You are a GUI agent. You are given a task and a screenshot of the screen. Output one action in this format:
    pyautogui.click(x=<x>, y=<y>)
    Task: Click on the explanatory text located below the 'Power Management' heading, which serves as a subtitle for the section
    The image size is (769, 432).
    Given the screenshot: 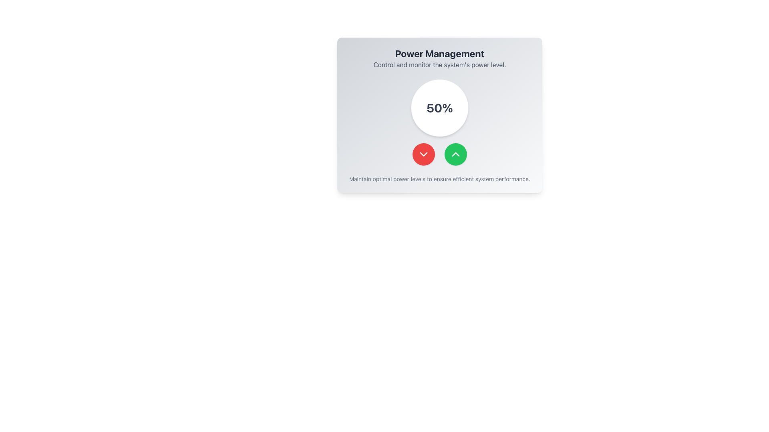 What is the action you would take?
    pyautogui.click(x=439, y=64)
    